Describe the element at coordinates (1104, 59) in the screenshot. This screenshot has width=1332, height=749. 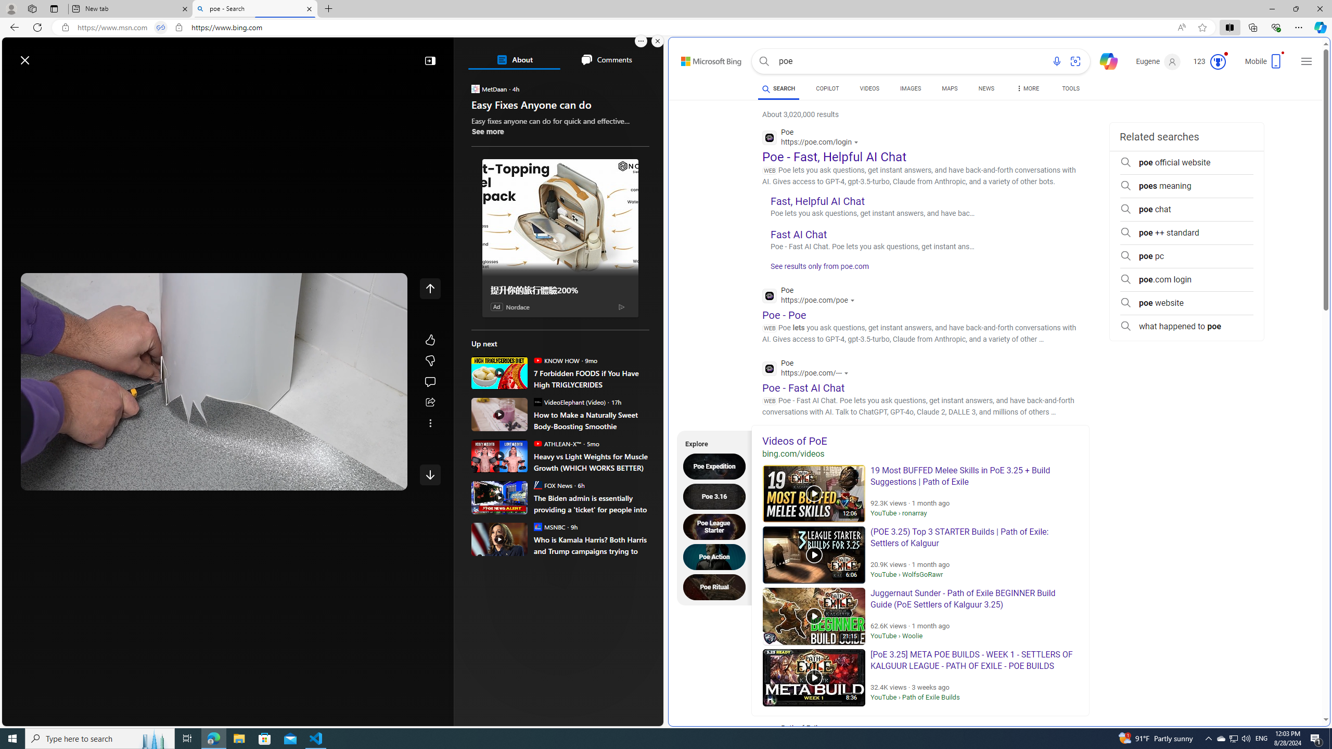
I see `'Chat'` at that location.